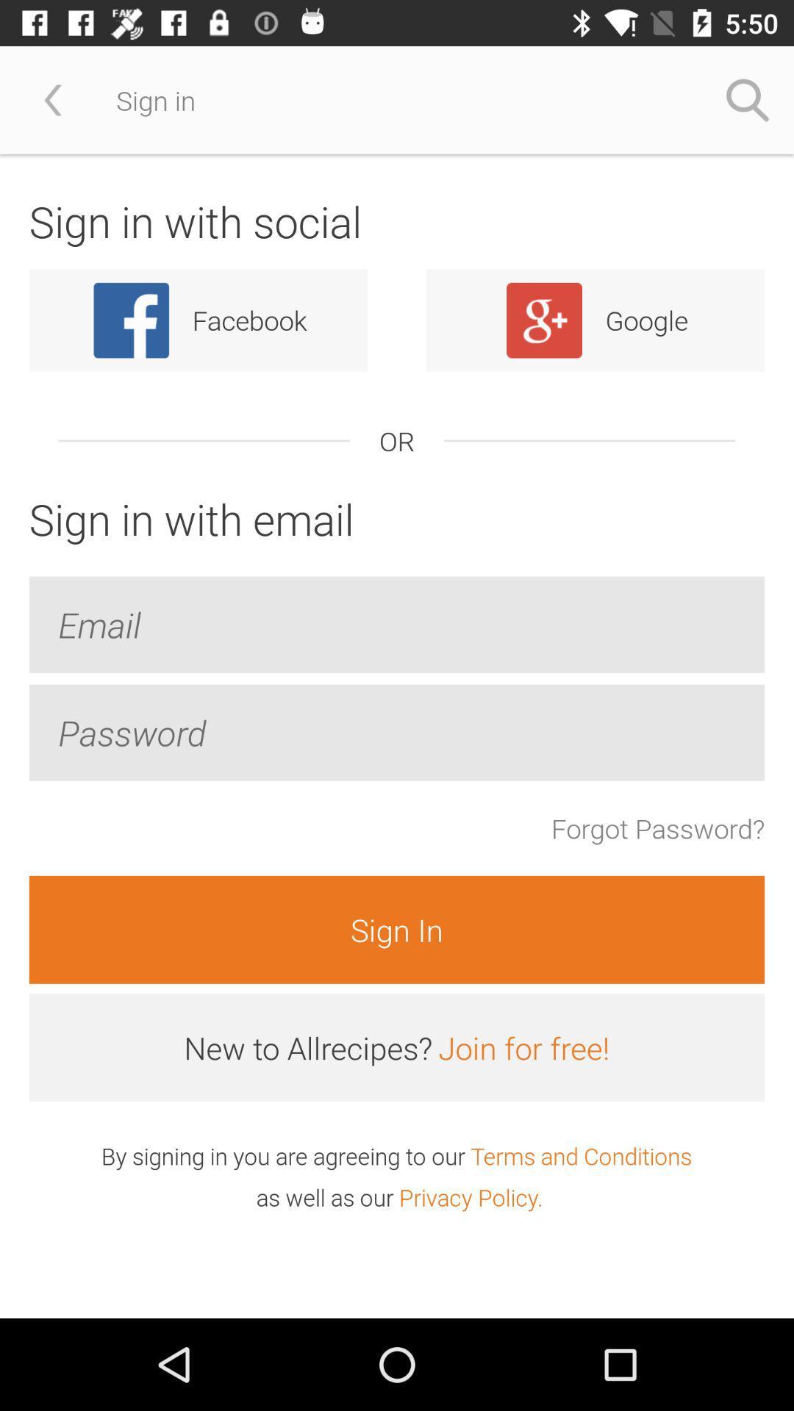 This screenshot has height=1411, width=794. What do you see at coordinates (53, 99) in the screenshot?
I see `item above sign in with item` at bounding box center [53, 99].